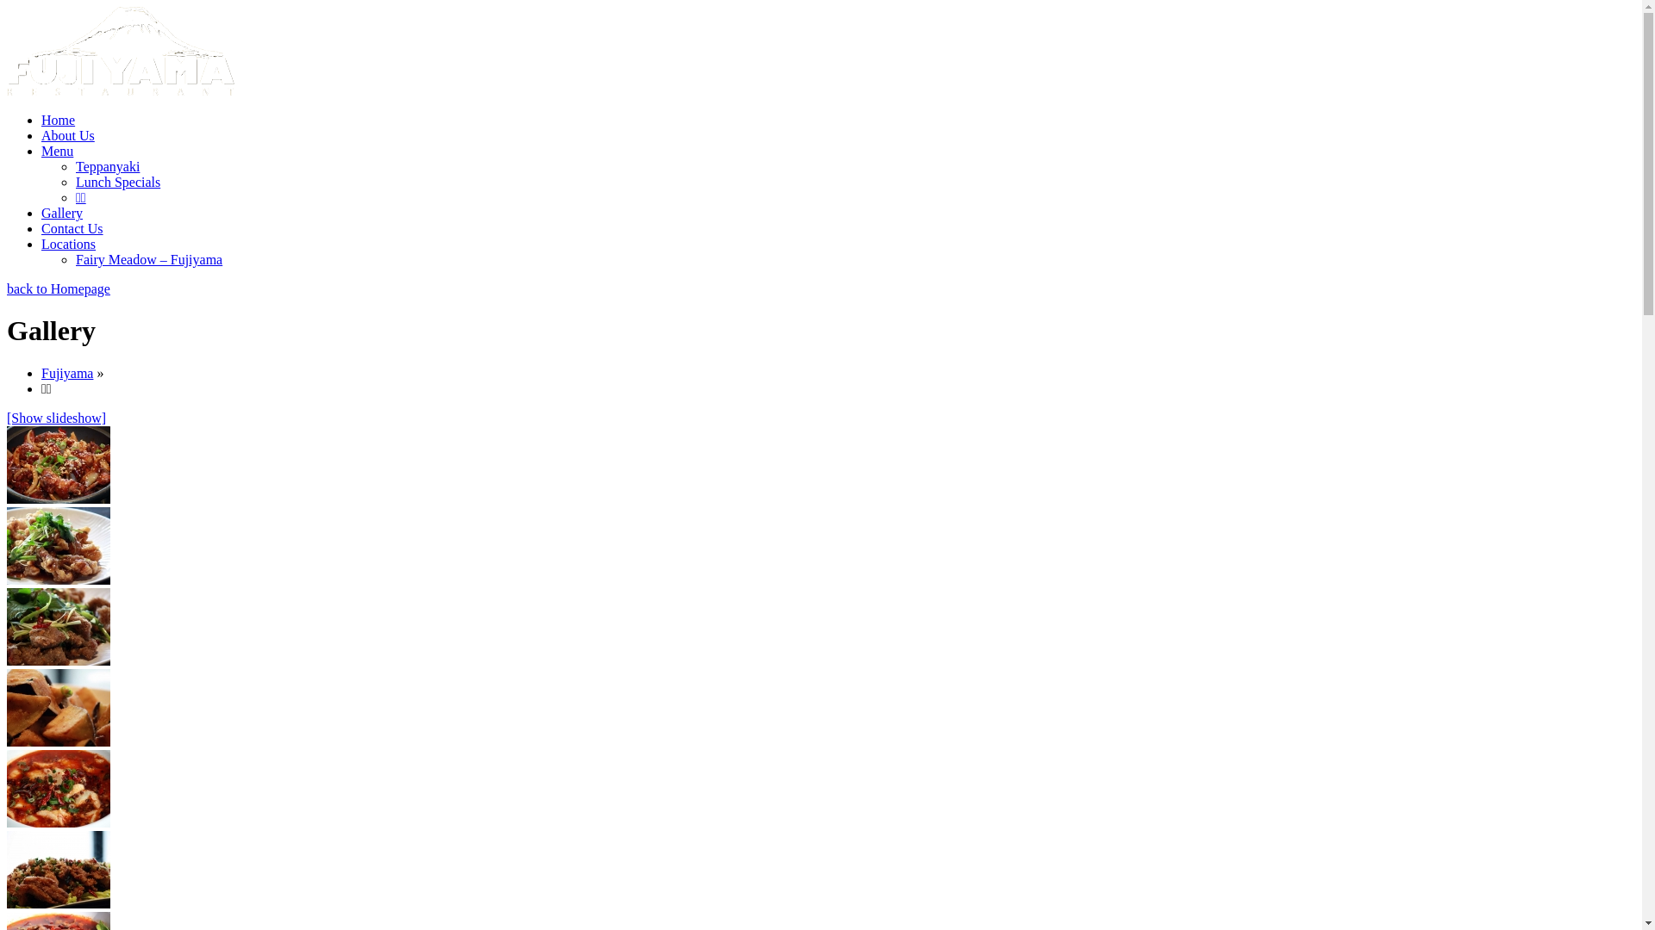 The image size is (1655, 930). What do you see at coordinates (58, 788) in the screenshot?
I see `'Fish-Hot-Pot-with-Pickles'` at bounding box center [58, 788].